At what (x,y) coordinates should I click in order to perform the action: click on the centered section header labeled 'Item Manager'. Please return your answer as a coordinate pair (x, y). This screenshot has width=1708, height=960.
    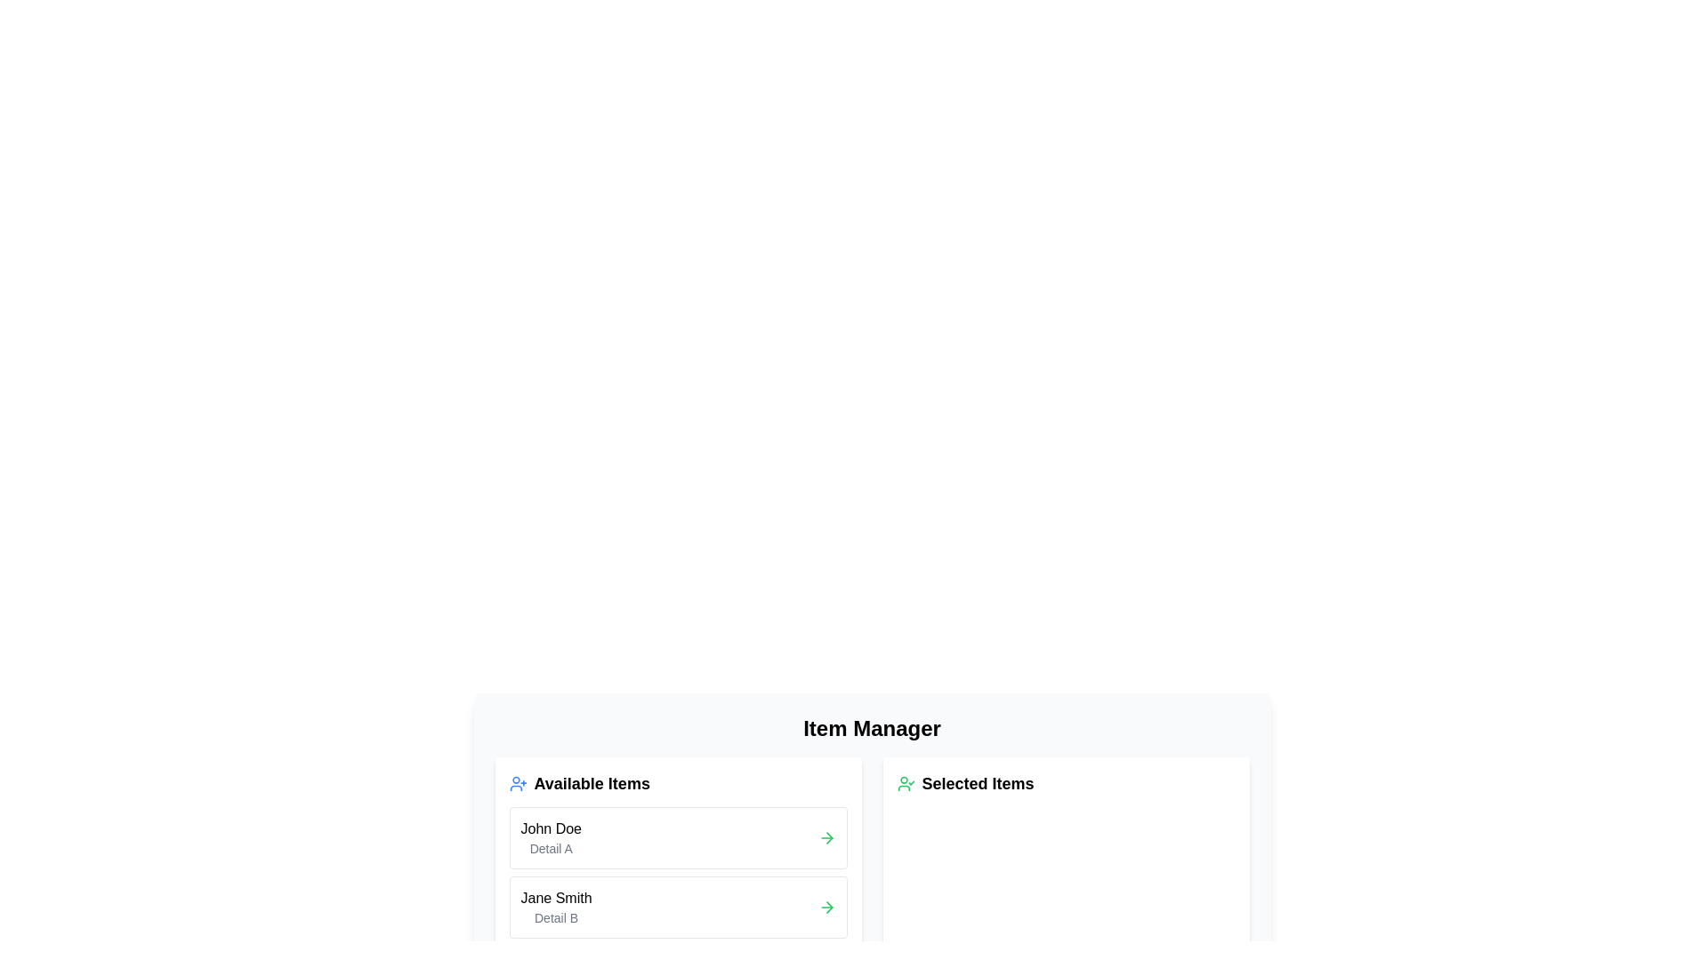
    Looking at the image, I should click on (872, 729).